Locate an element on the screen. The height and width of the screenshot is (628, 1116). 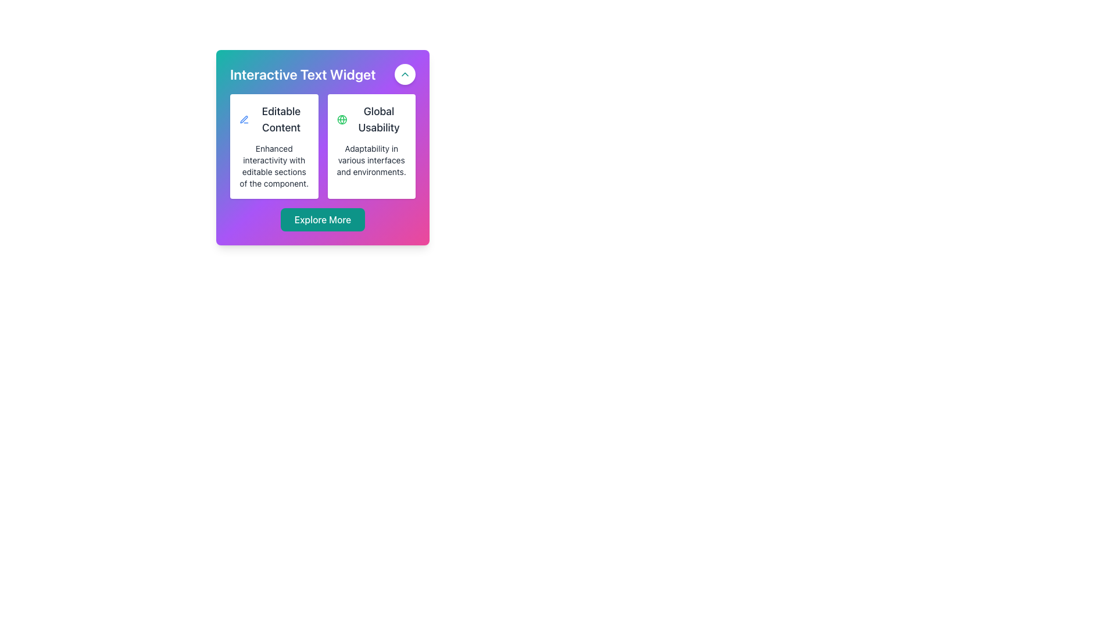
the curved line segment of the stylized globe representation in the 'Global Usability' section is located at coordinates (341, 119).